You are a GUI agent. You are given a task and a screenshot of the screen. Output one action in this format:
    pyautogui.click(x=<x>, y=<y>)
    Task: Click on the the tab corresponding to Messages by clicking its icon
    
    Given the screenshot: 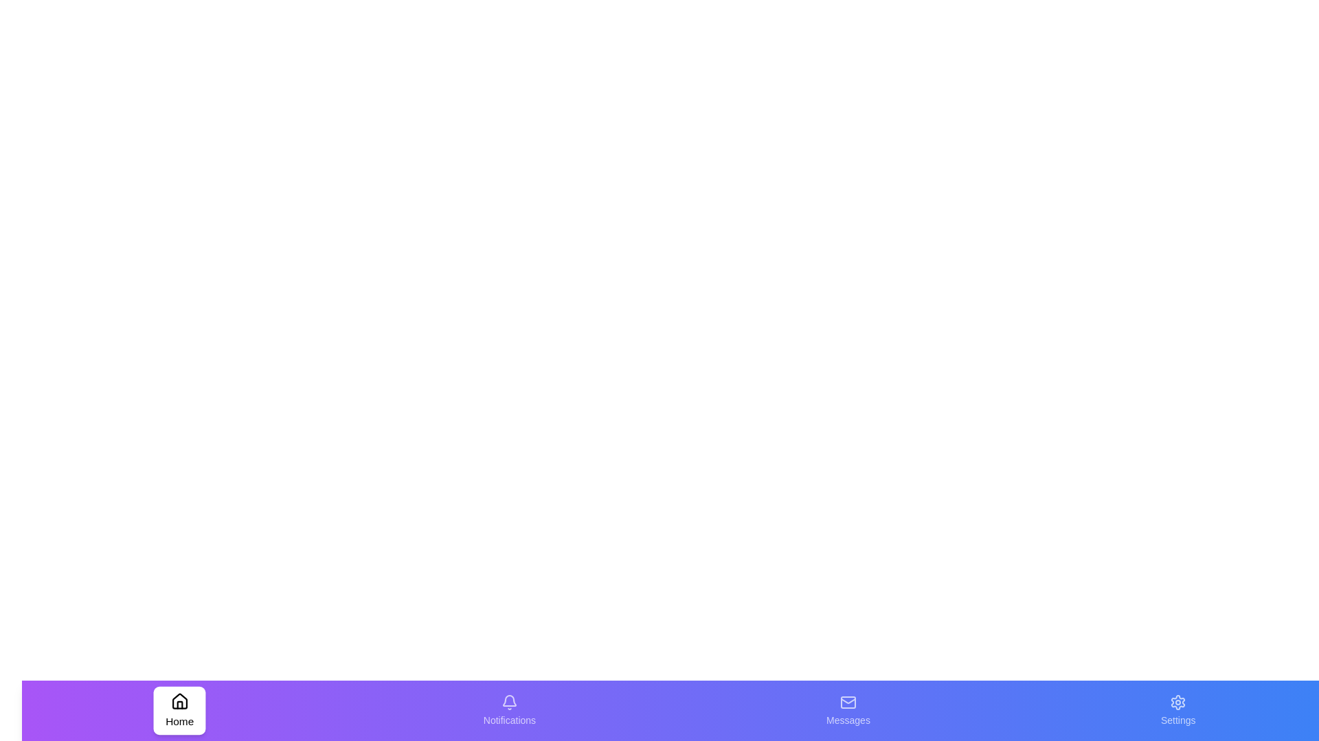 What is the action you would take?
    pyautogui.click(x=847, y=710)
    